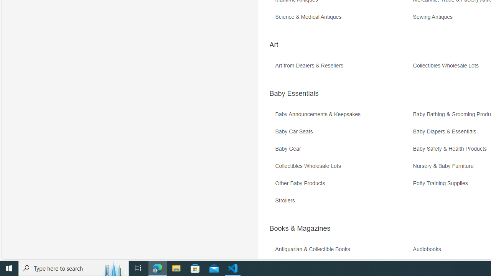 The image size is (491, 276). I want to click on 'Collectibles Wholesale Lots', so click(343, 168).